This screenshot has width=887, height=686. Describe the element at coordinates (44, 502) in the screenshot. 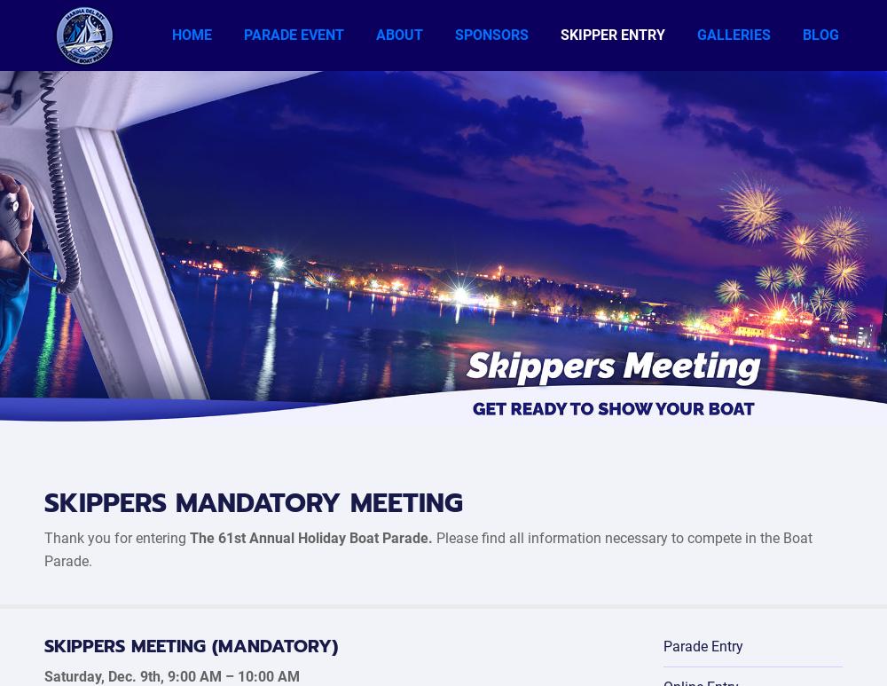

I see `'SKIPPERS MANDATORY MEETING'` at that location.